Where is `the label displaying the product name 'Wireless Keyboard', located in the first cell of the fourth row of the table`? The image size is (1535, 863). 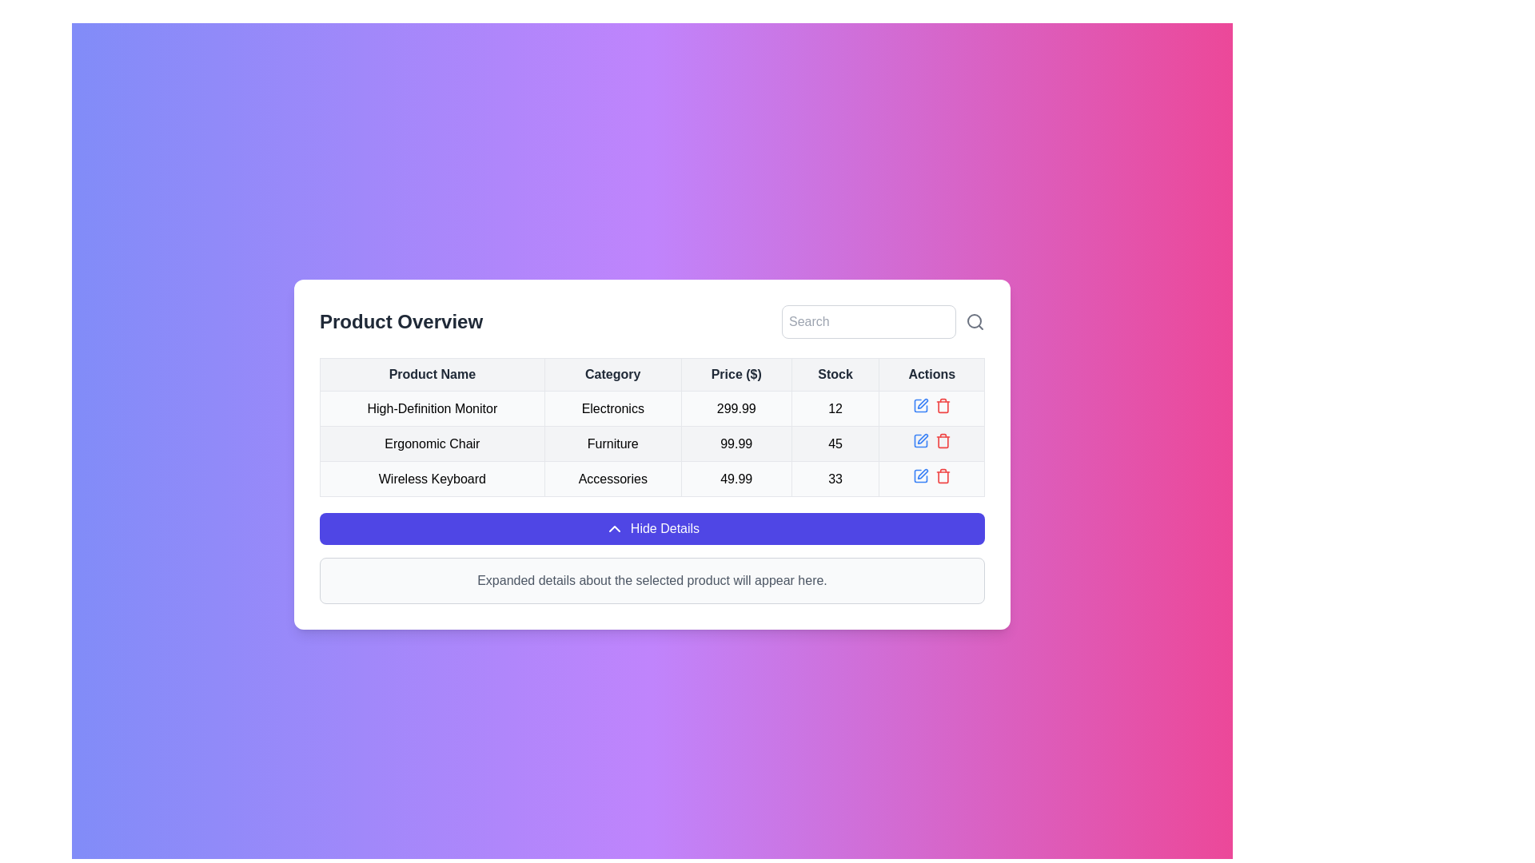
the label displaying the product name 'Wireless Keyboard', located in the first cell of the fourth row of the table is located at coordinates (432, 478).